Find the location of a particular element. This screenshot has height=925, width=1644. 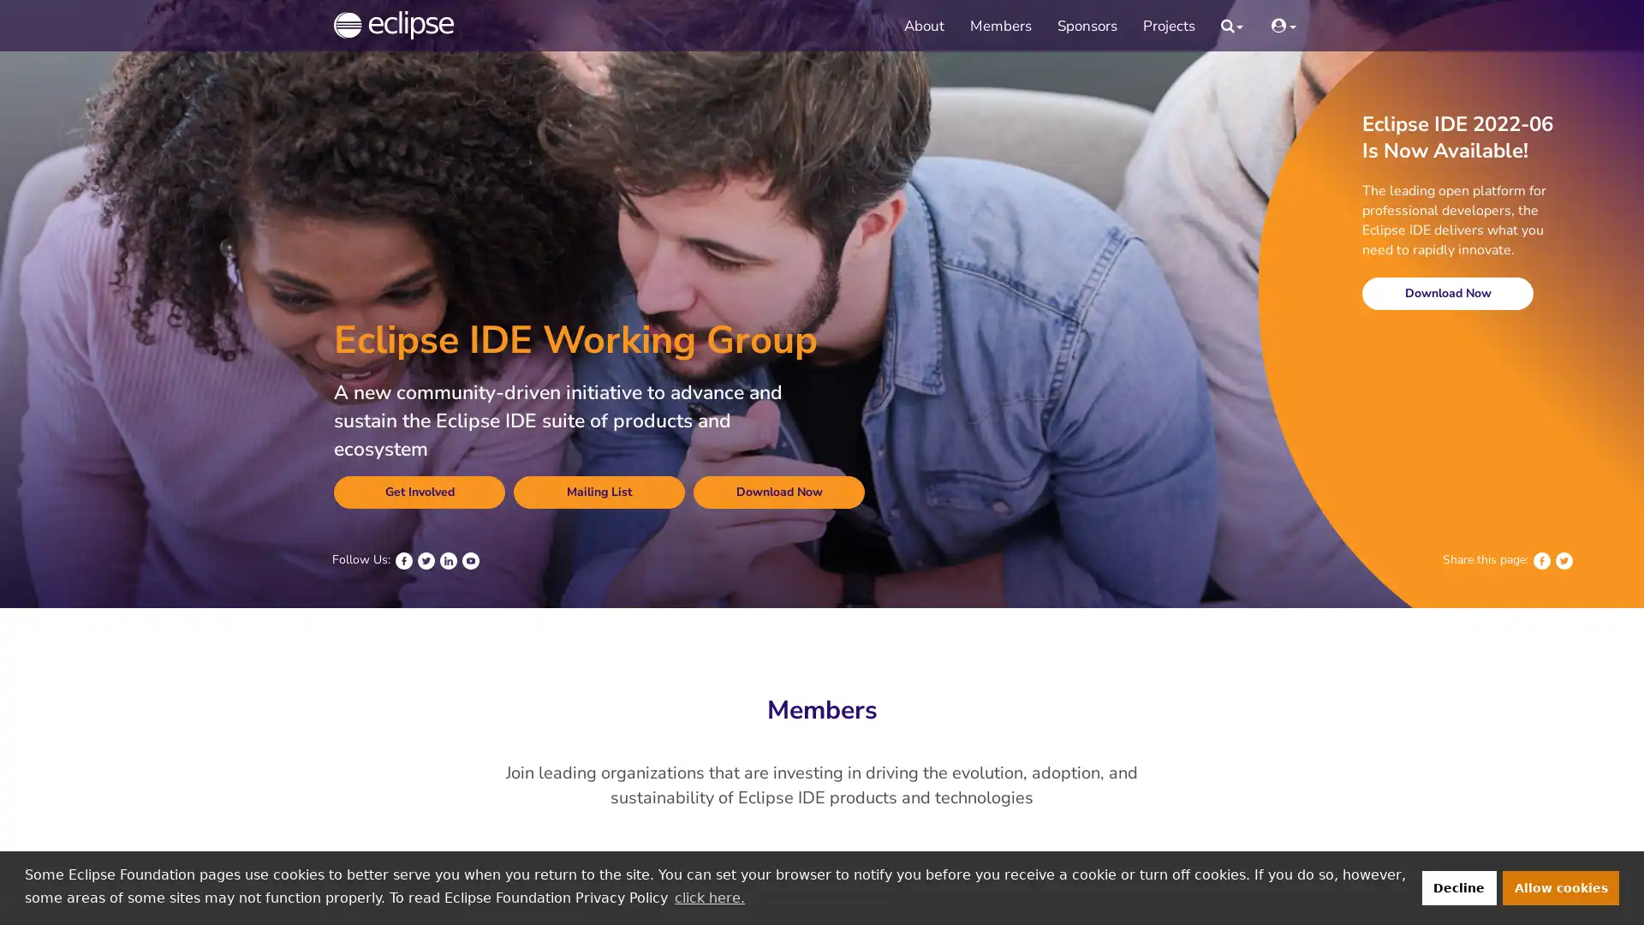

learn more about cookies is located at coordinates (709, 897).